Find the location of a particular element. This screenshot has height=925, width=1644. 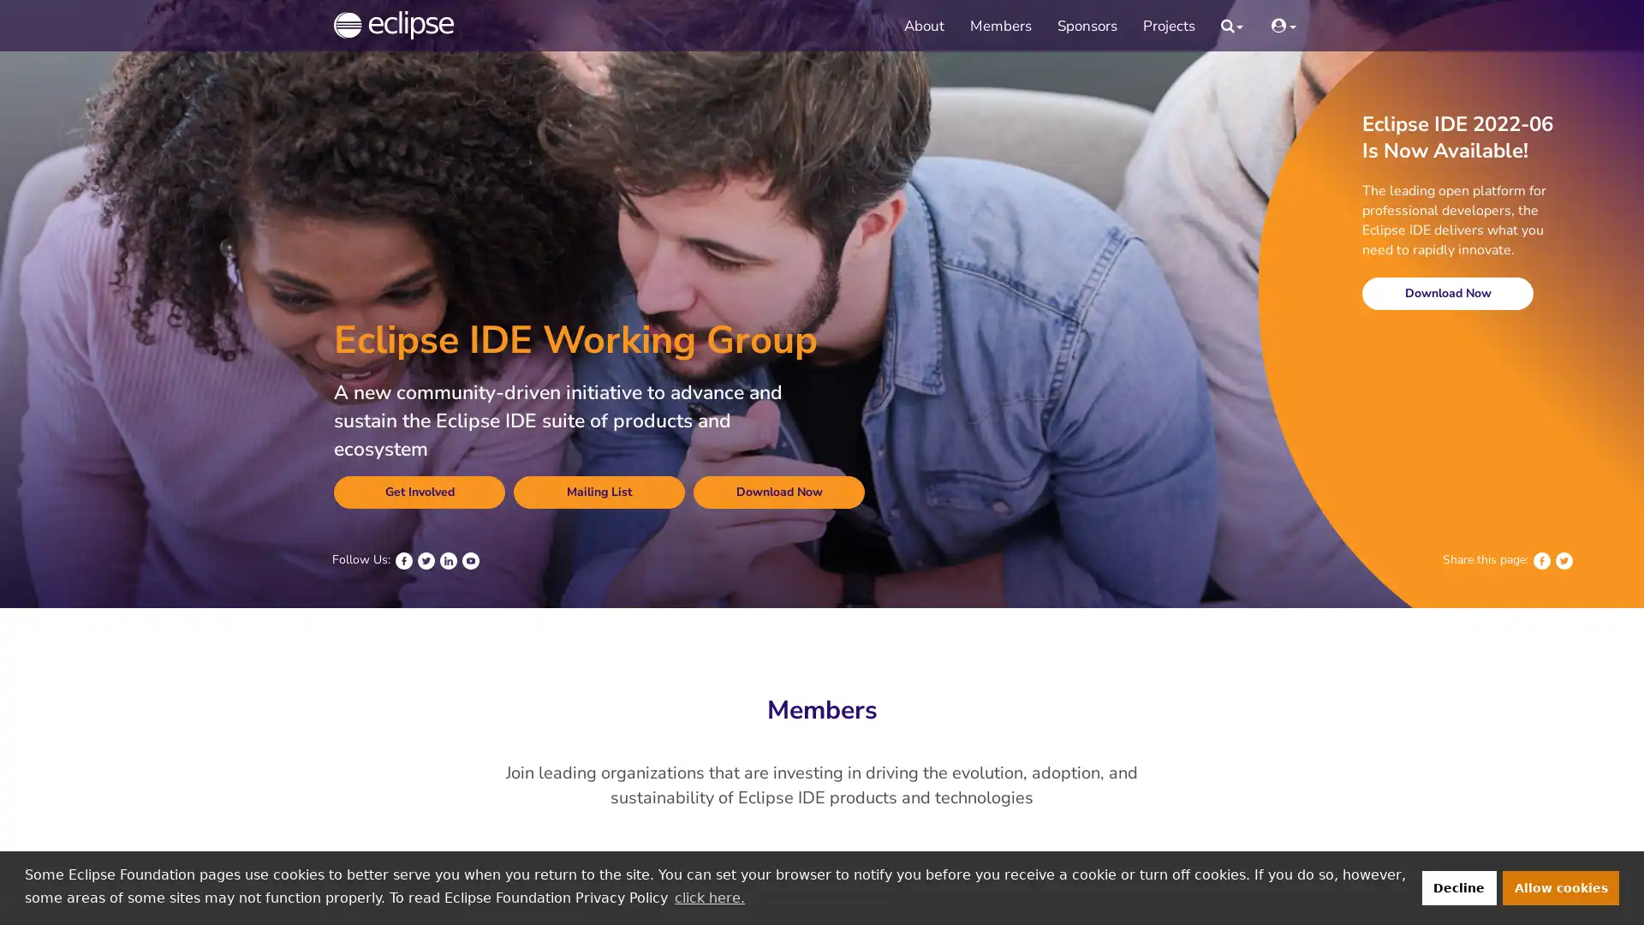

learn more about cookies is located at coordinates (709, 897).